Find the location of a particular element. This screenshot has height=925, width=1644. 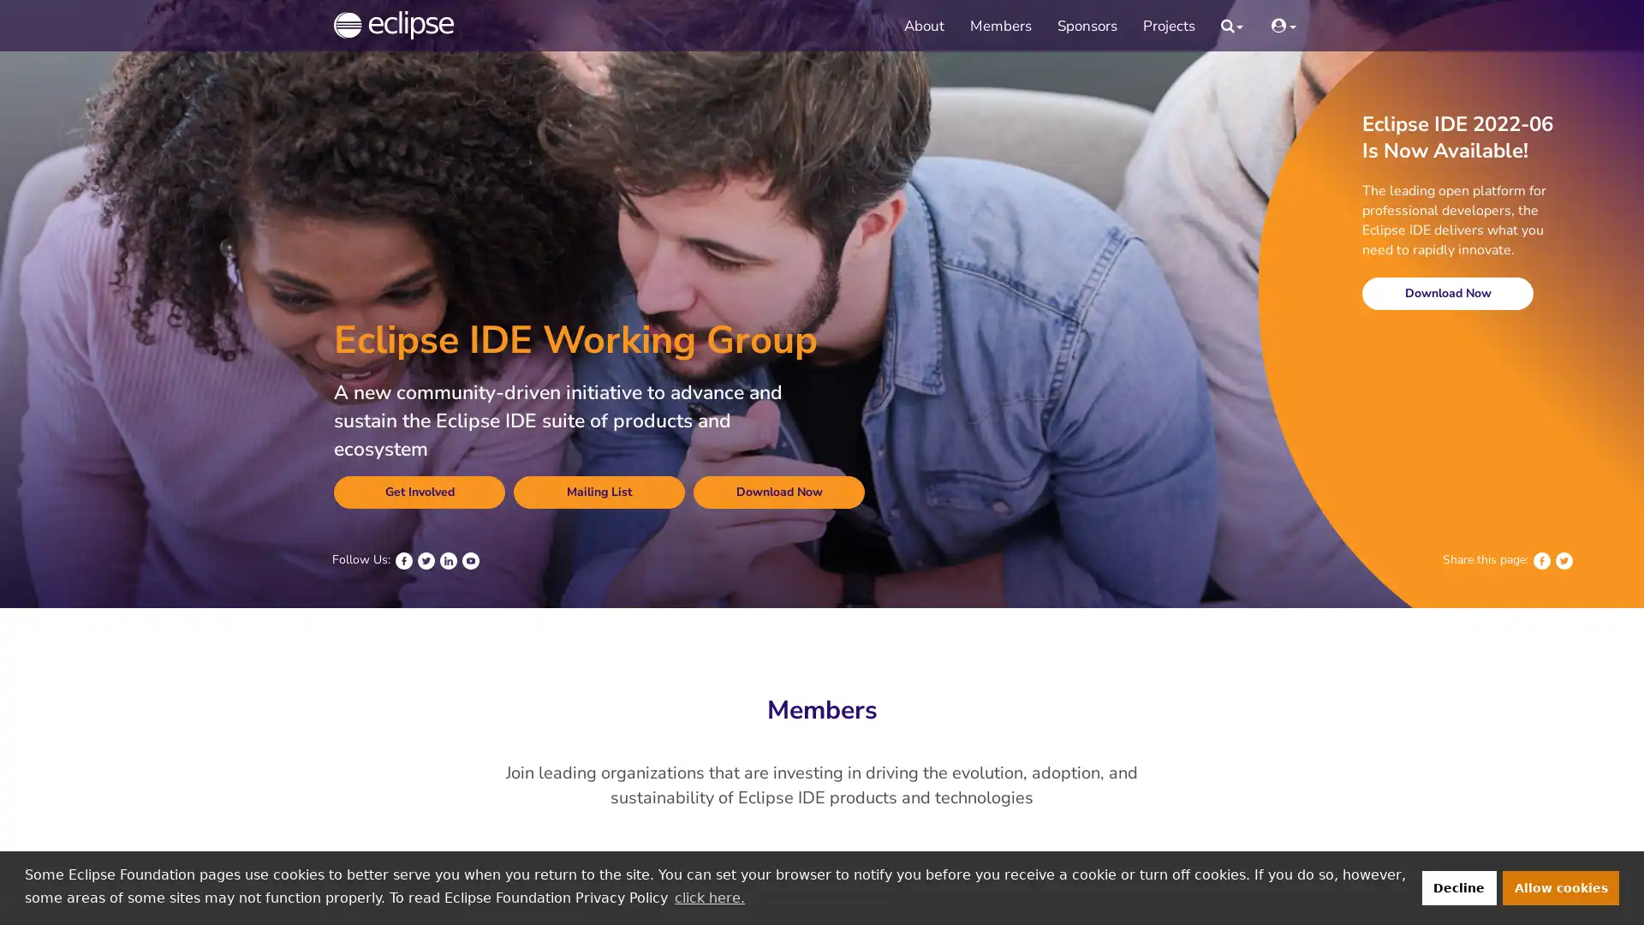

learn more about cookies is located at coordinates (709, 897).